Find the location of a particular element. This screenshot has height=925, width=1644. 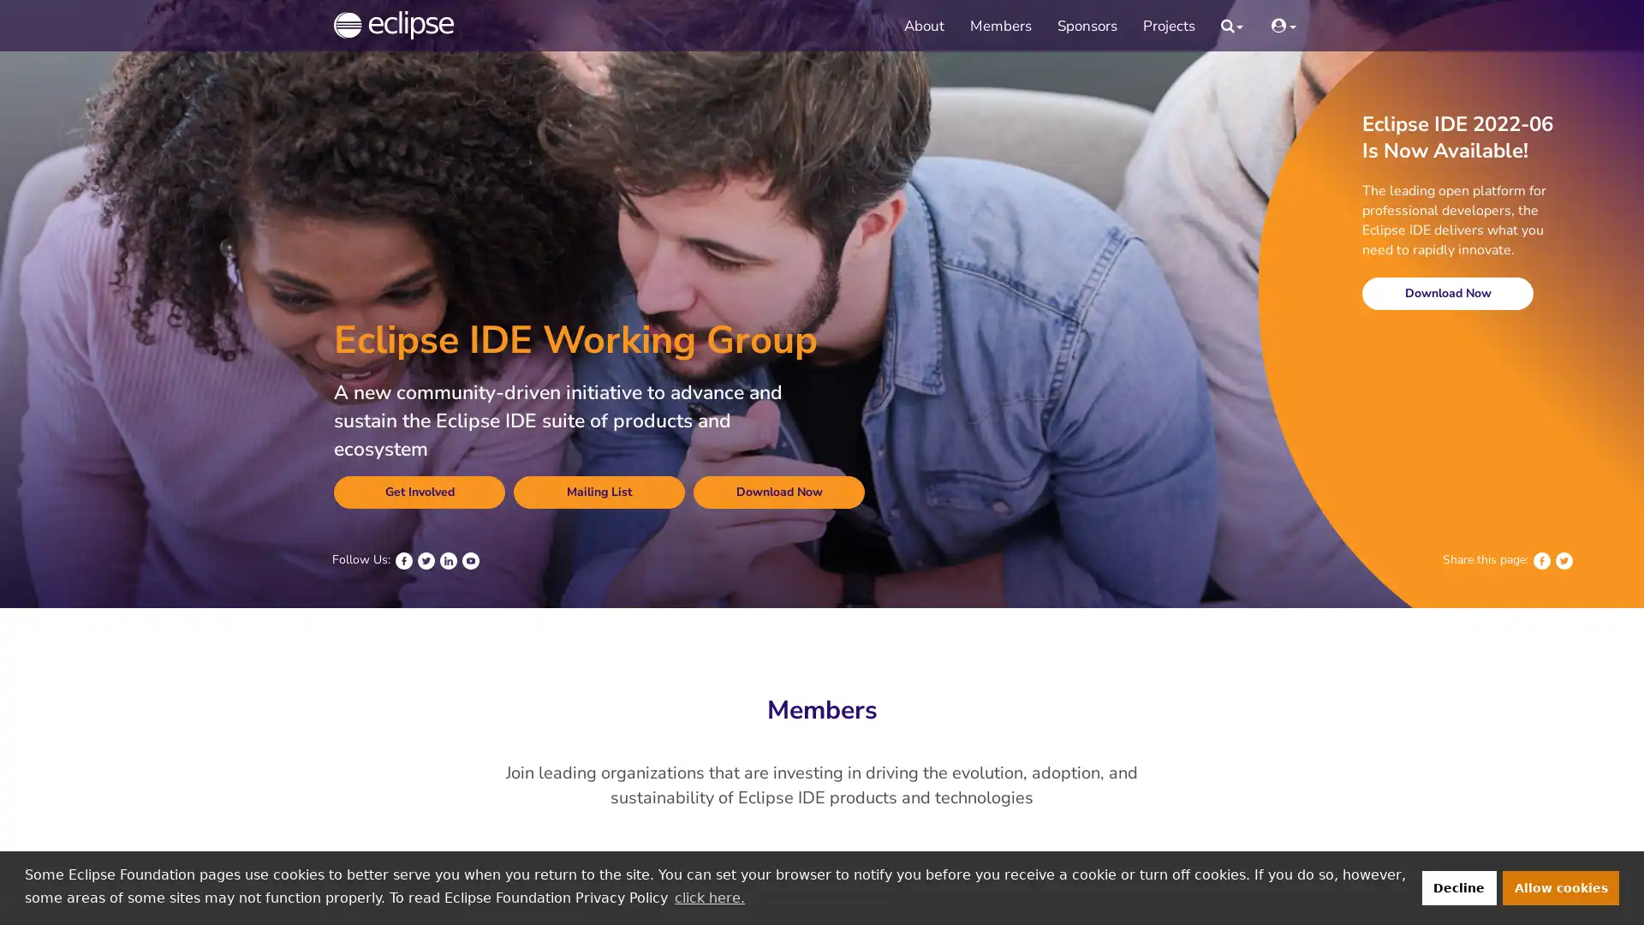

learn more about cookies is located at coordinates (709, 897).